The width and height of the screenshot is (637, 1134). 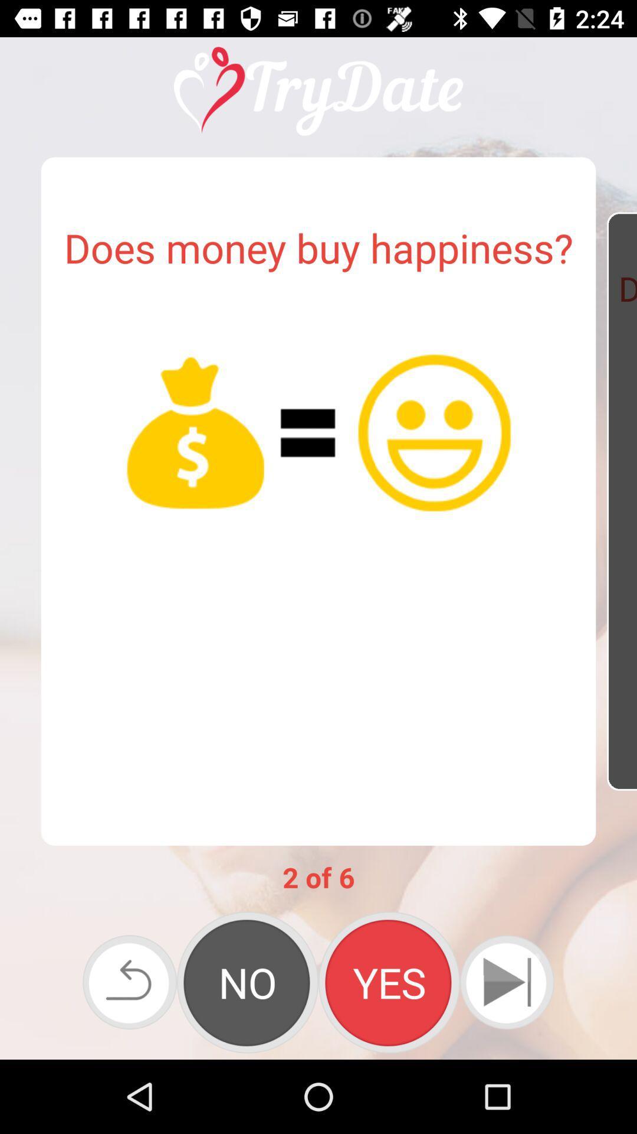 What do you see at coordinates (389, 982) in the screenshot?
I see `icon below 2 of 6 app` at bounding box center [389, 982].